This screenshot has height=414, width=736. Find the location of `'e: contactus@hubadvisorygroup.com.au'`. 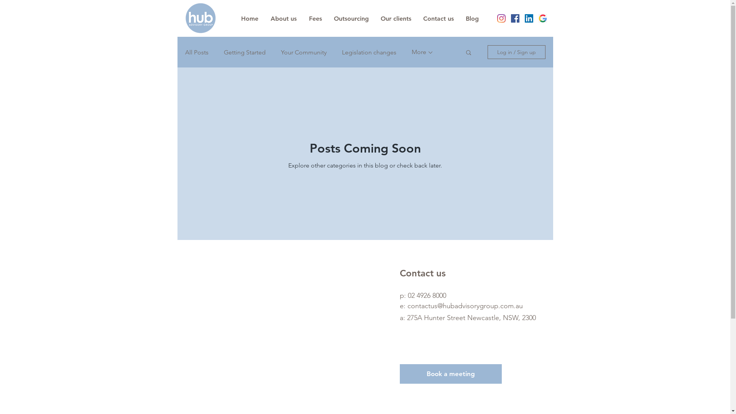

'e: contactus@hubadvisorygroup.com.au' is located at coordinates (460, 306).